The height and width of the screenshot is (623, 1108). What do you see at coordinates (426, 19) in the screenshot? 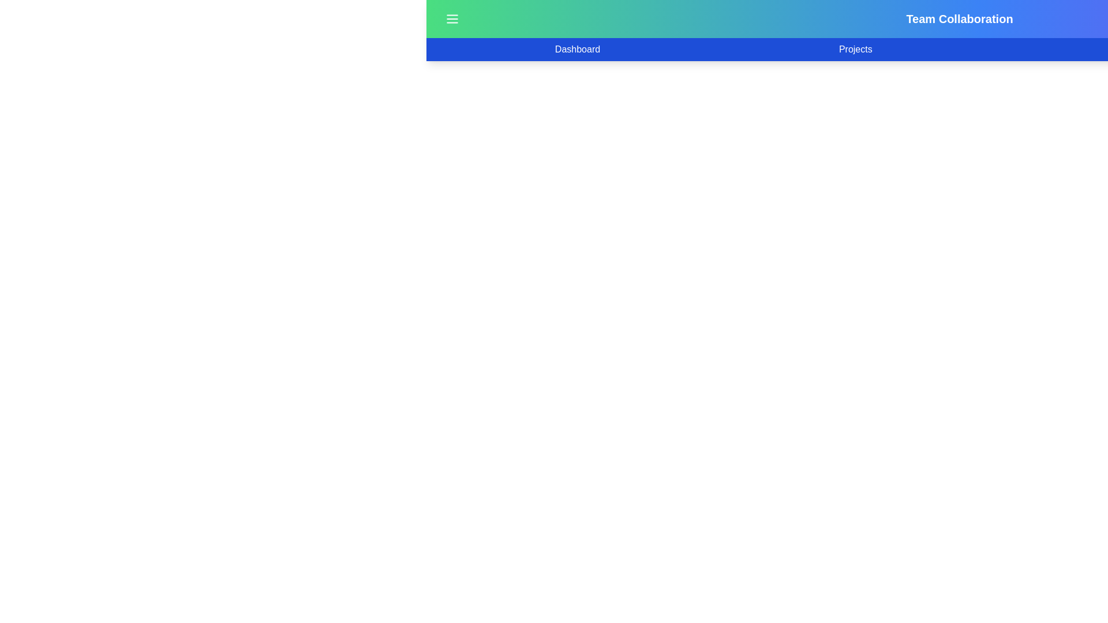
I see `the text 'Team Collaboration' for copying` at bounding box center [426, 19].